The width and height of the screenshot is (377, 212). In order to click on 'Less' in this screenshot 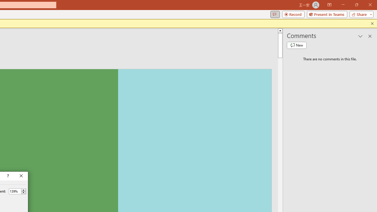, I will do `click(23, 193)`.